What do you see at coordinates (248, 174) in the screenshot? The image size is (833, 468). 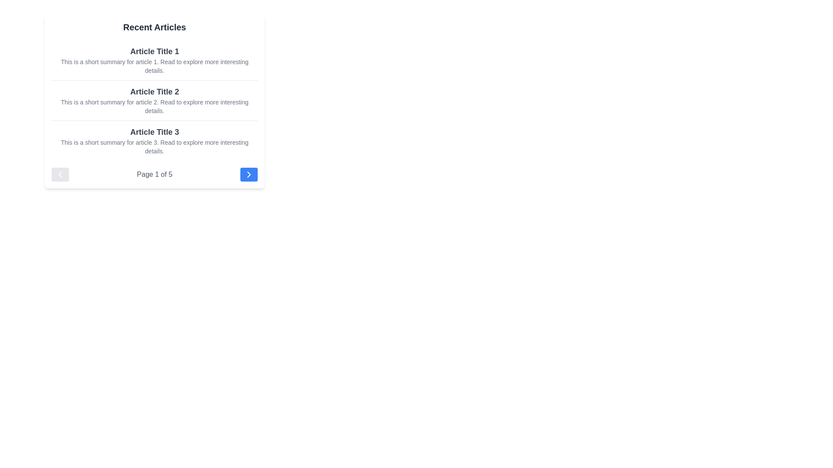 I see `the Icon button located in the bottom-right corner of the card` at bounding box center [248, 174].